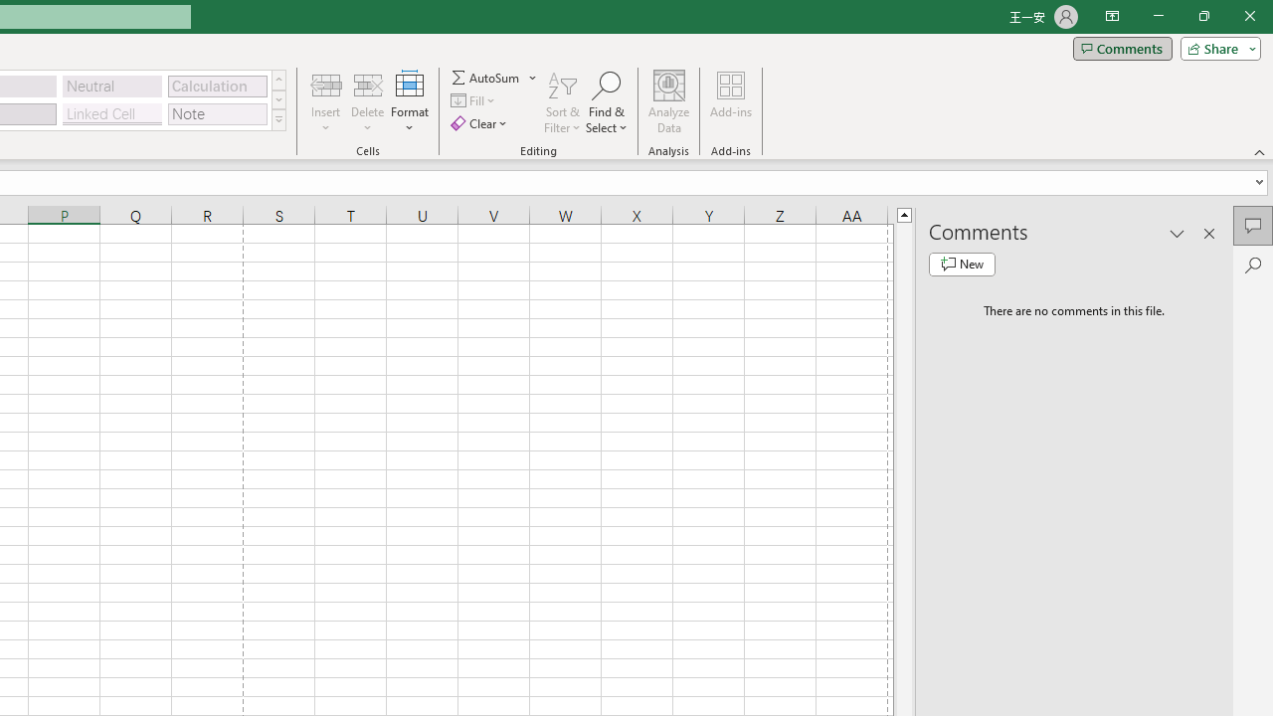 The height and width of the screenshot is (716, 1273). What do you see at coordinates (111, 85) in the screenshot?
I see `'Neutral'` at bounding box center [111, 85].